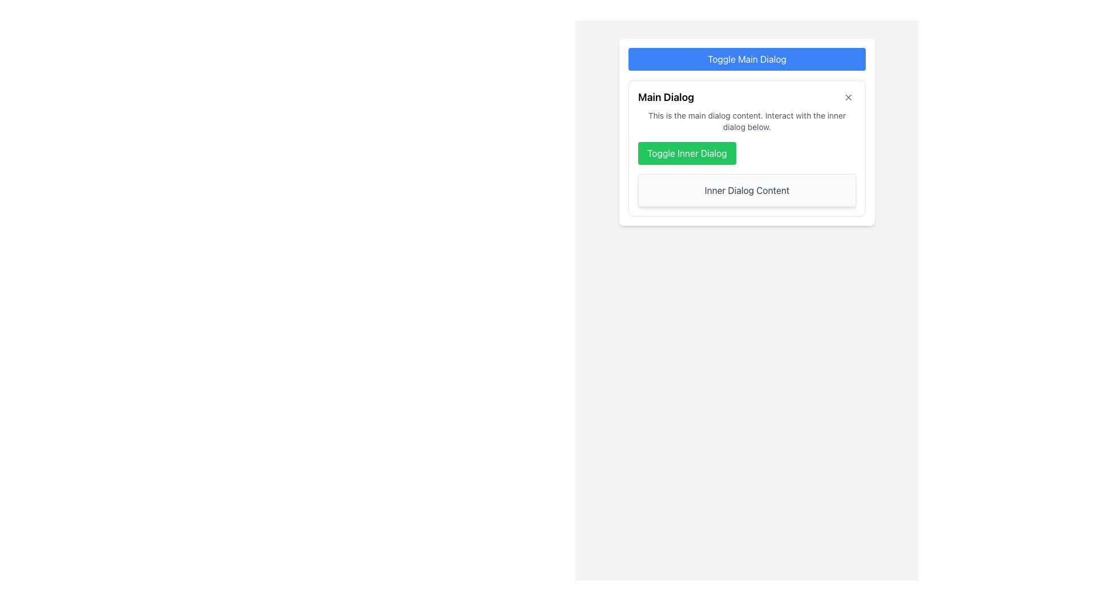 Image resolution: width=1095 pixels, height=616 pixels. What do you see at coordinates (849, 96) in the screenshot?
I see `the close button icon located in the top-right corner of the 'Main Dialog' dialog box to visually represent the action of closing or dismissing the dialog` at bounding box center [849, 96].